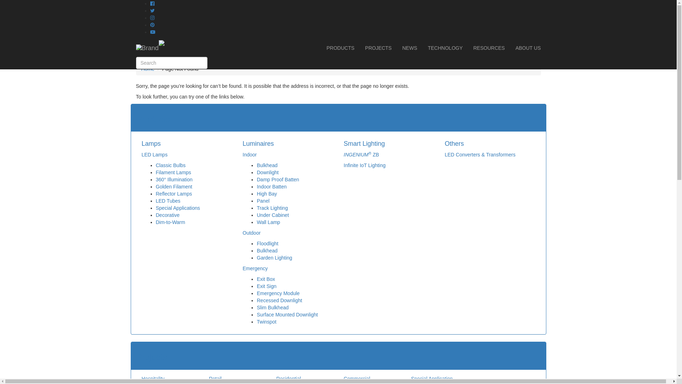  I want to click on 'Downlight', so click(267, 172).